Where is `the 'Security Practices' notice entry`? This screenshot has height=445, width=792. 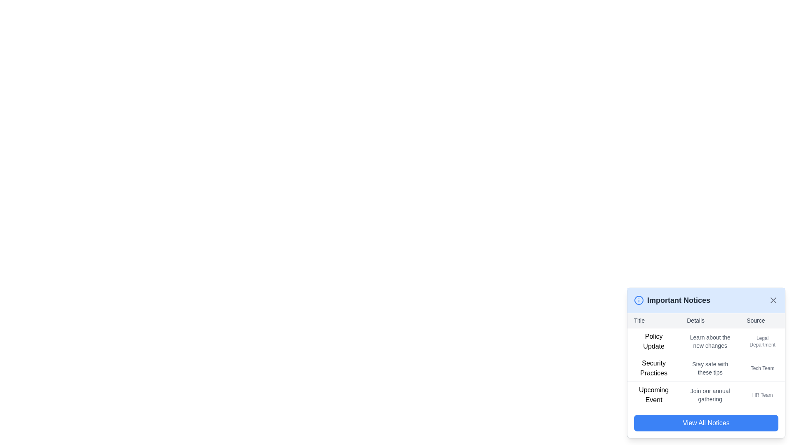
the 'Security Practices' notice entry is located at coordinates (706, 368).